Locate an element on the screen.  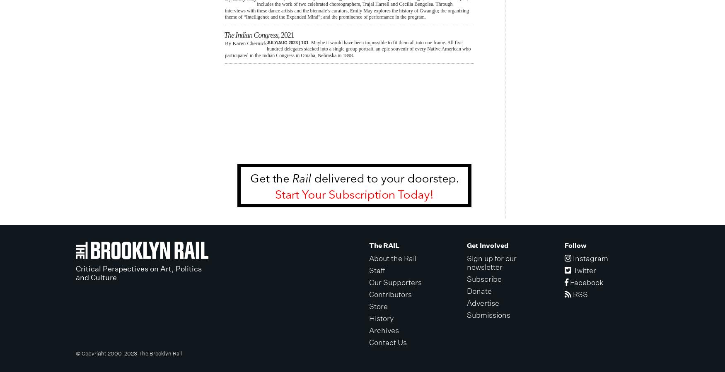
'Advertise' is located at coordinates (483, 302).